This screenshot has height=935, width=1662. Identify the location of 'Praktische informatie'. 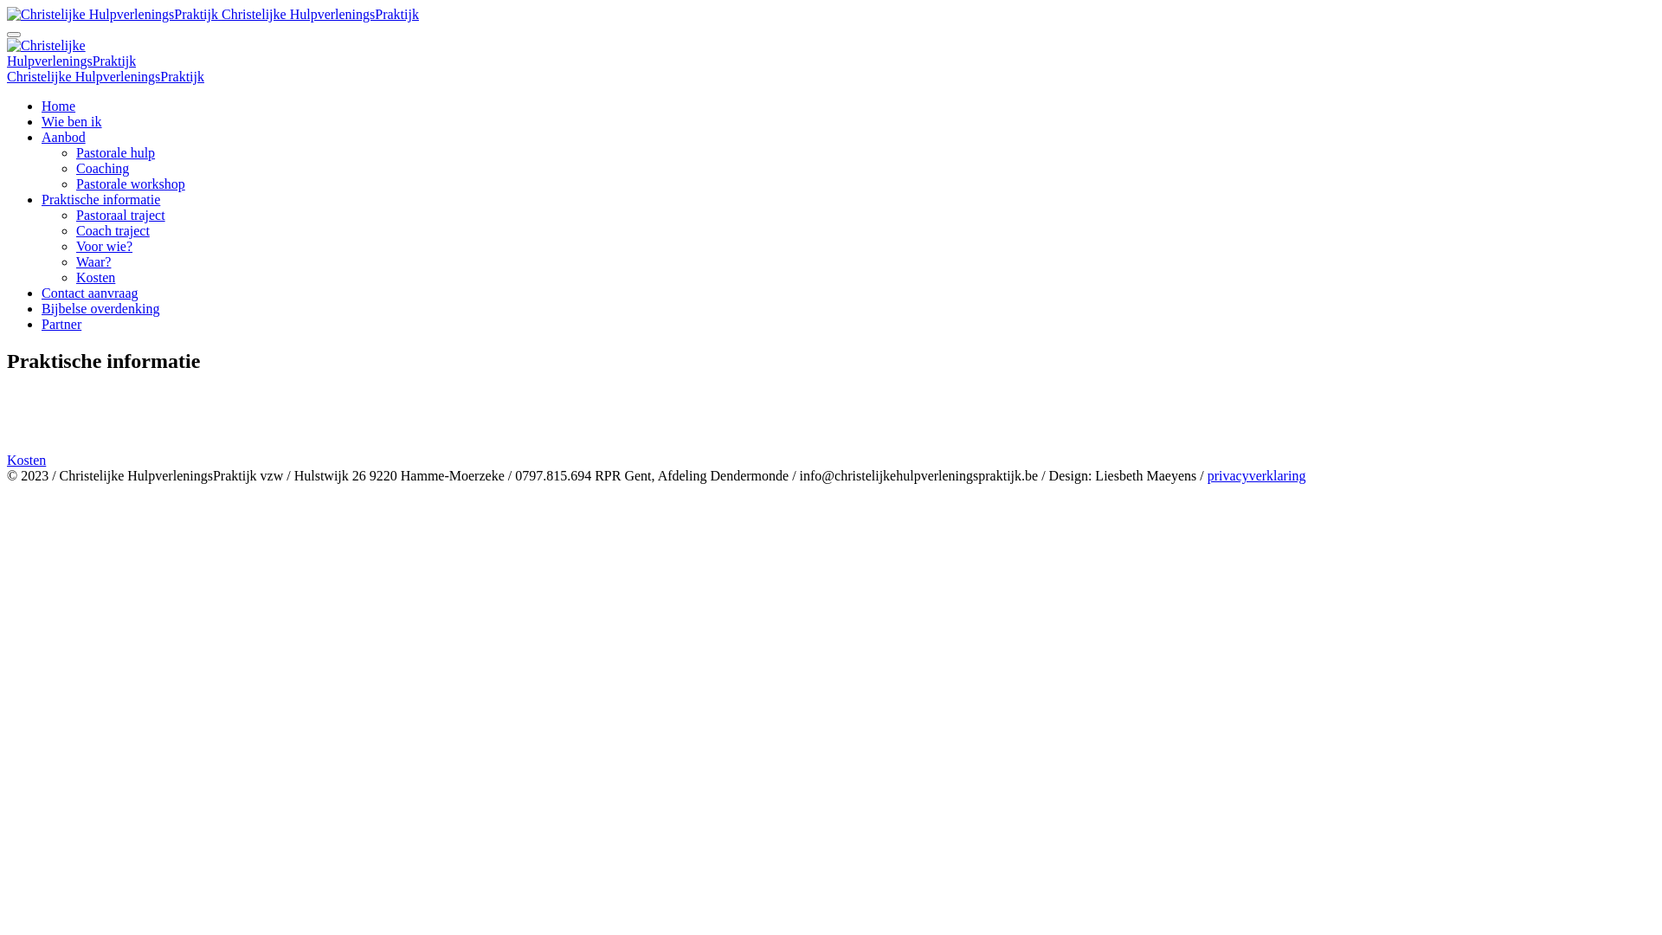
(100, 198).